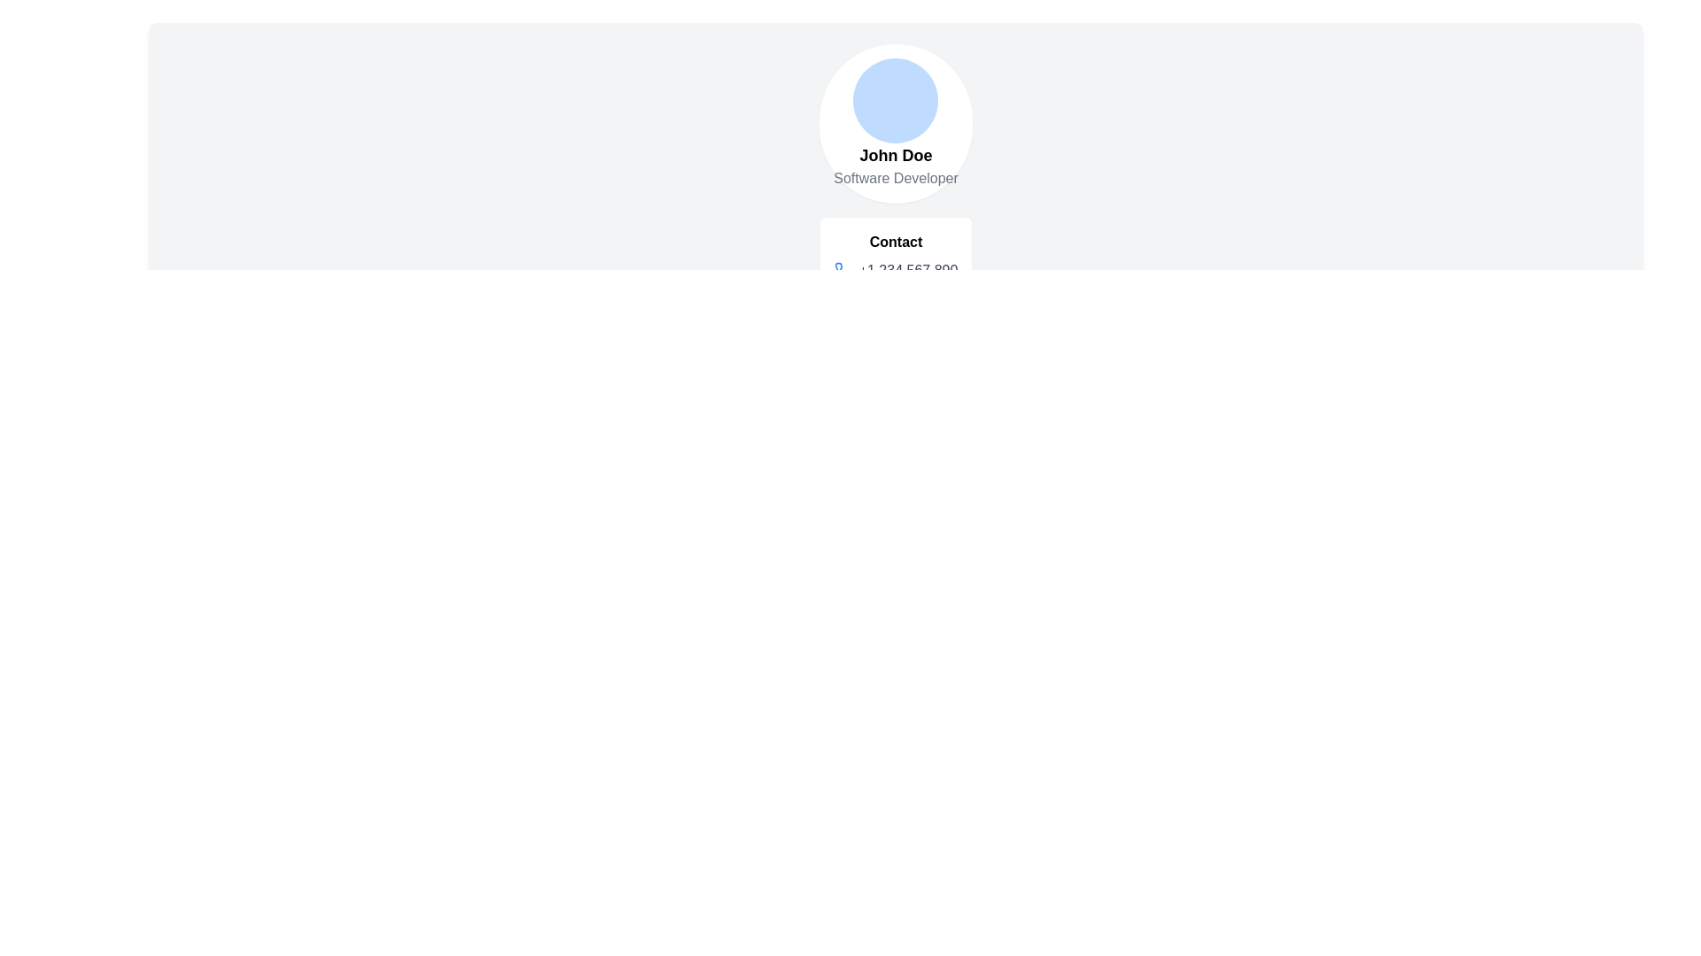 Image resolution: width=1701 pixels, height=956 pixels. Describe the element at coordinates (842, 270) in the screenshot. I see `the phone icon located to the left of the phone number '+1 234 567 890' in the contact details section` at that location.